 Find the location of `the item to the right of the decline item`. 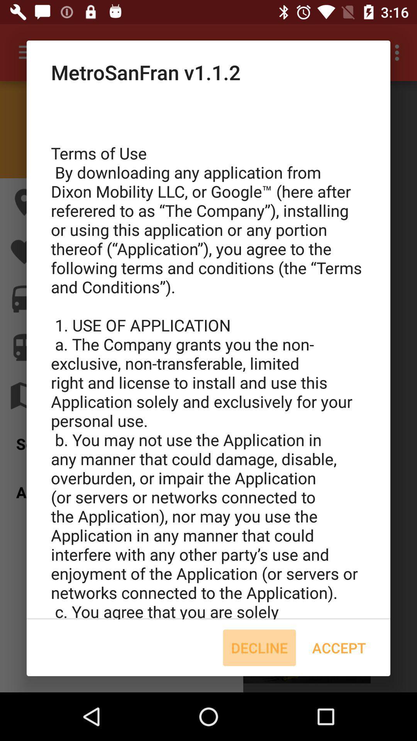

the item to the right of the decline item is located at coordinates (339, 648).